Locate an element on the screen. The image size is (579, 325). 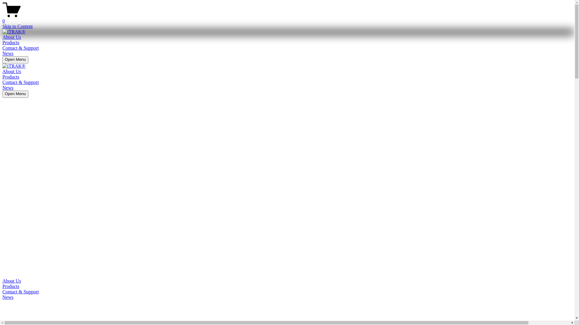
'News' is located at coordinates (2, 297).